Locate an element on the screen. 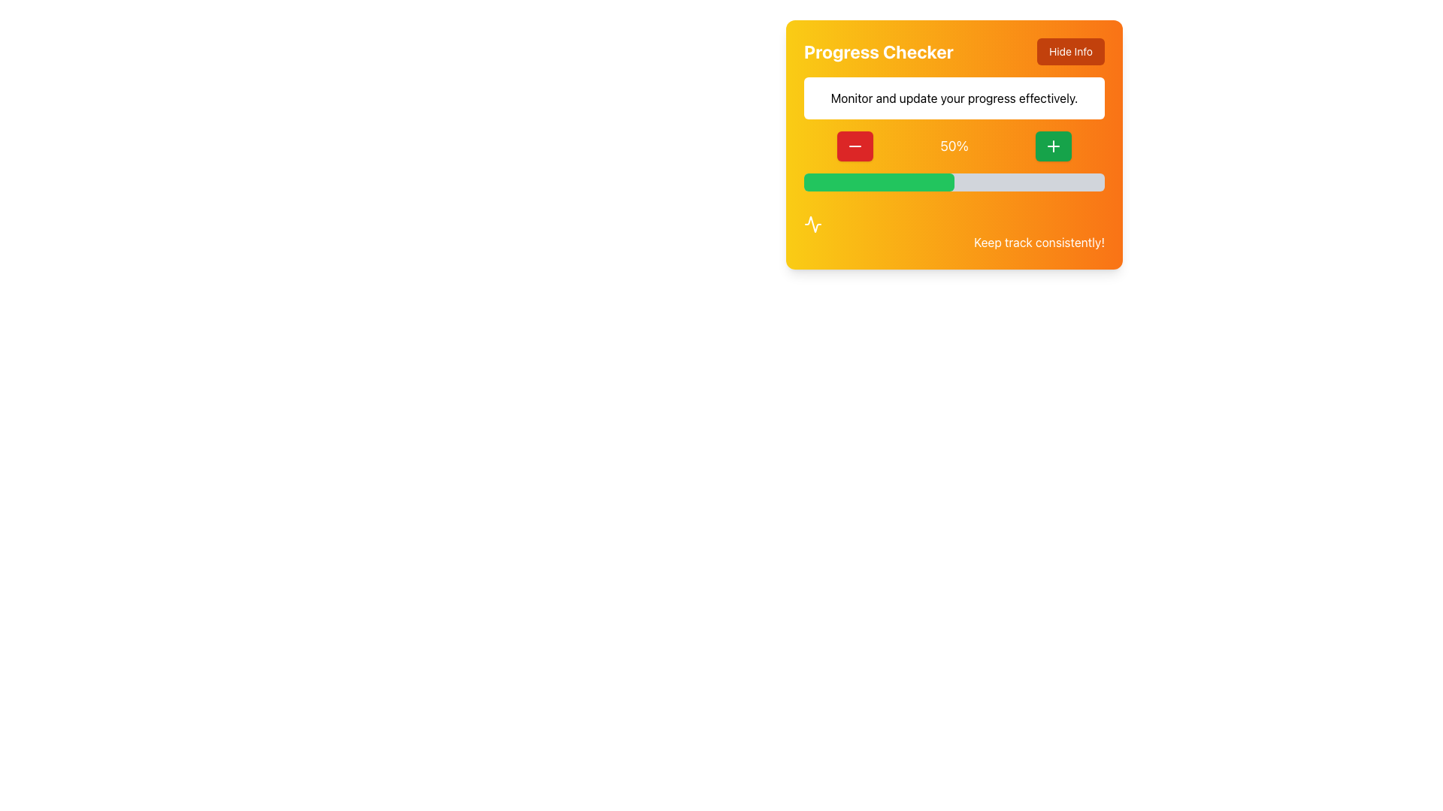 The height and width of the screenshot is (811, 1443). the button located at the top portion of the Progress Checker panel, adjacent to the 50% text is located at coordinates (1052, 146).